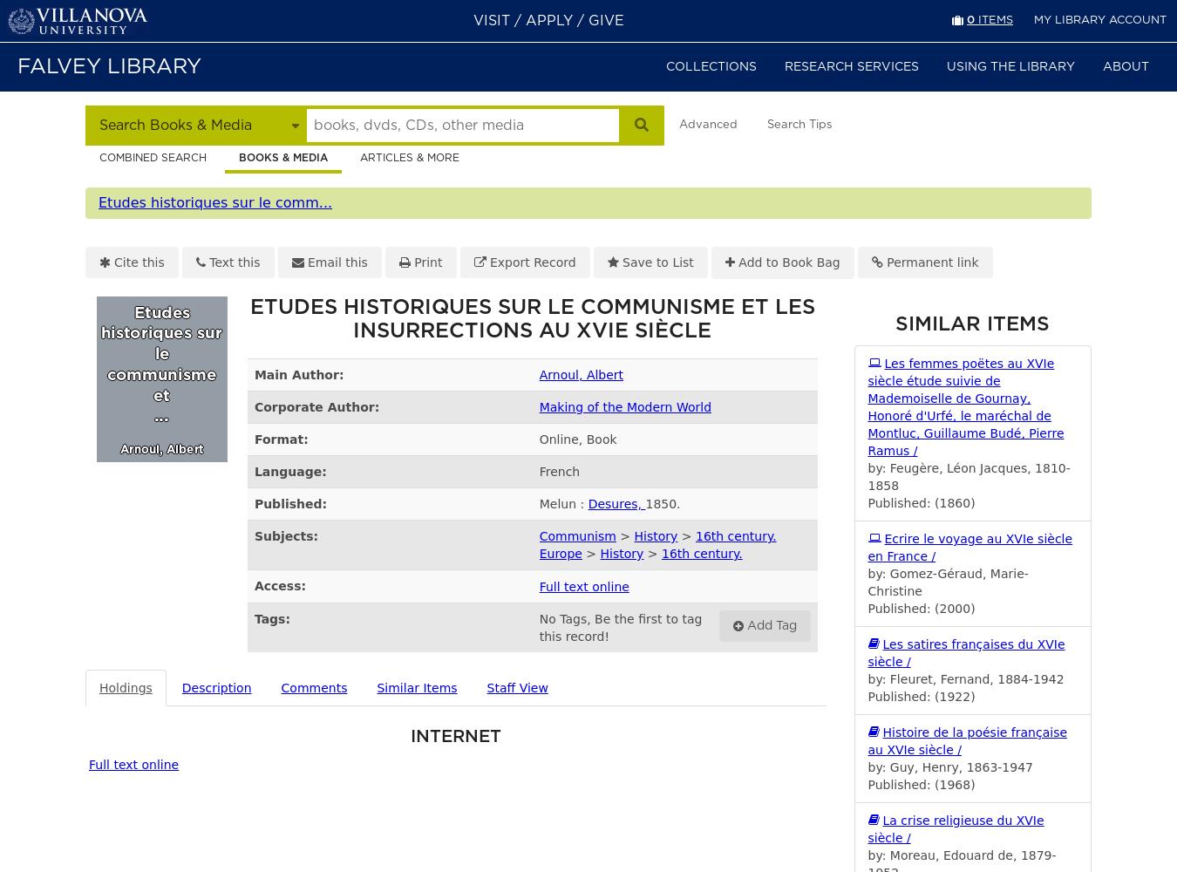 The image size is (1177, 872). Describe the element at coordinates (408, 157) in the screenshot. I see `'Articles & more'` at that location.